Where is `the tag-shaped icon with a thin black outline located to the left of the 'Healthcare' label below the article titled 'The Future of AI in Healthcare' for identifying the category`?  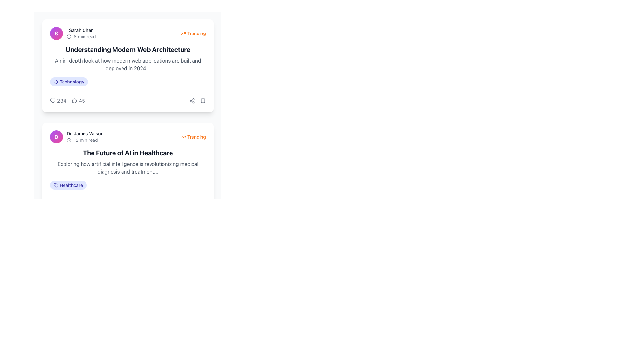
the tag-shaped icon with a thin black outline located to the left of the 'Healthcare' label below the article titled 'The Future of AI in Healthcare' for identifying the category is located at coordinates (56, 185).